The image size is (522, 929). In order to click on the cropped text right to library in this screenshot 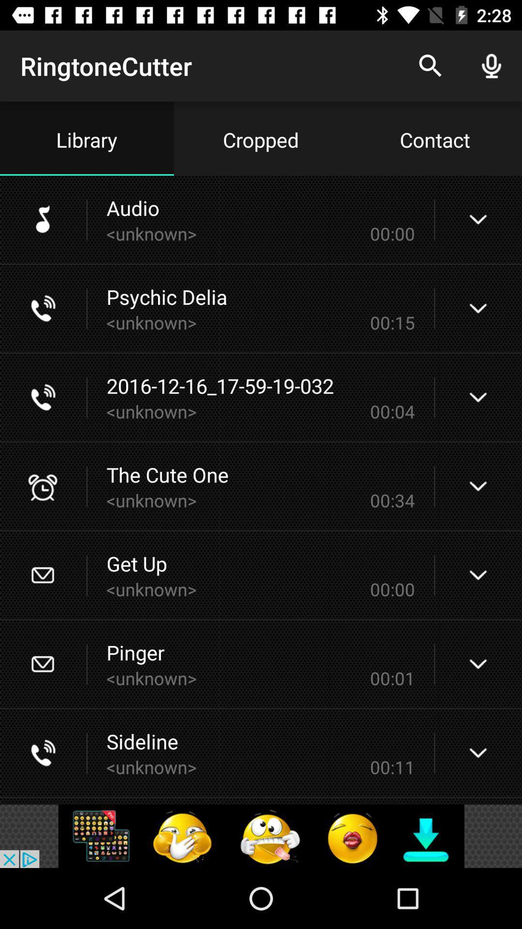, I will do `click(261, 139)`.